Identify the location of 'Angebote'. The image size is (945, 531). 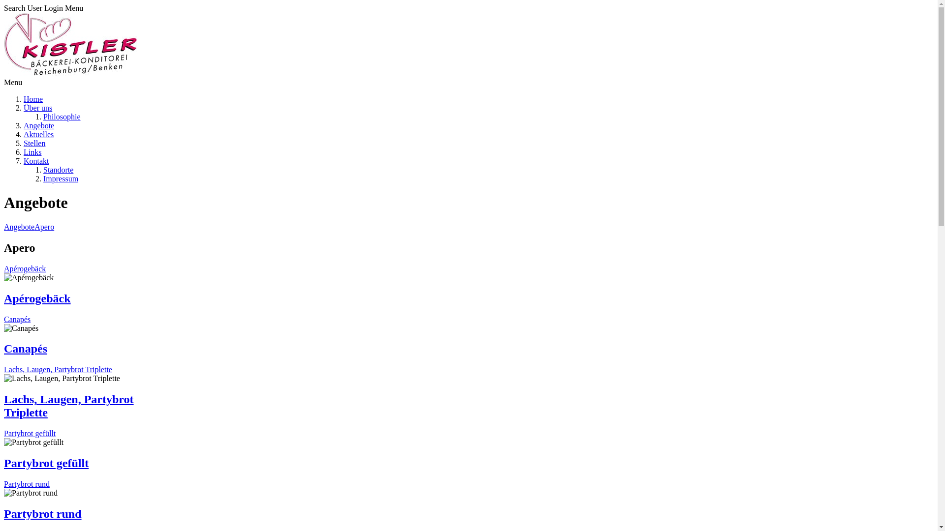
(19, 227).